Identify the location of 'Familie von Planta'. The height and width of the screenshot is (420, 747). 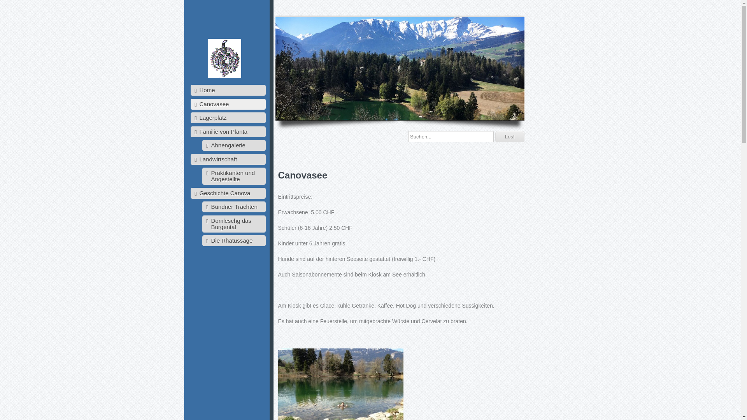
(228, 131).